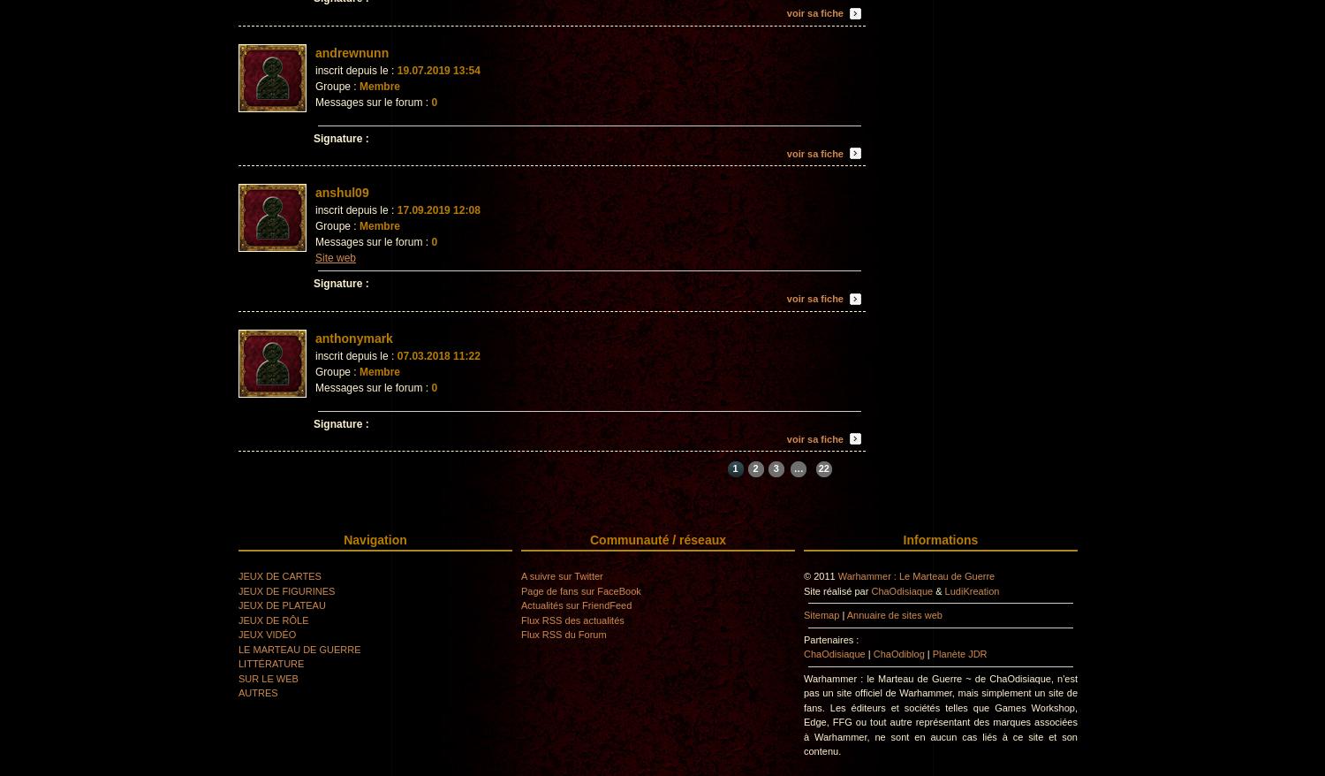  Describe the element at coordinates (872, 652) in the screenshot. I see `'ChaOdiblog'` at that location.